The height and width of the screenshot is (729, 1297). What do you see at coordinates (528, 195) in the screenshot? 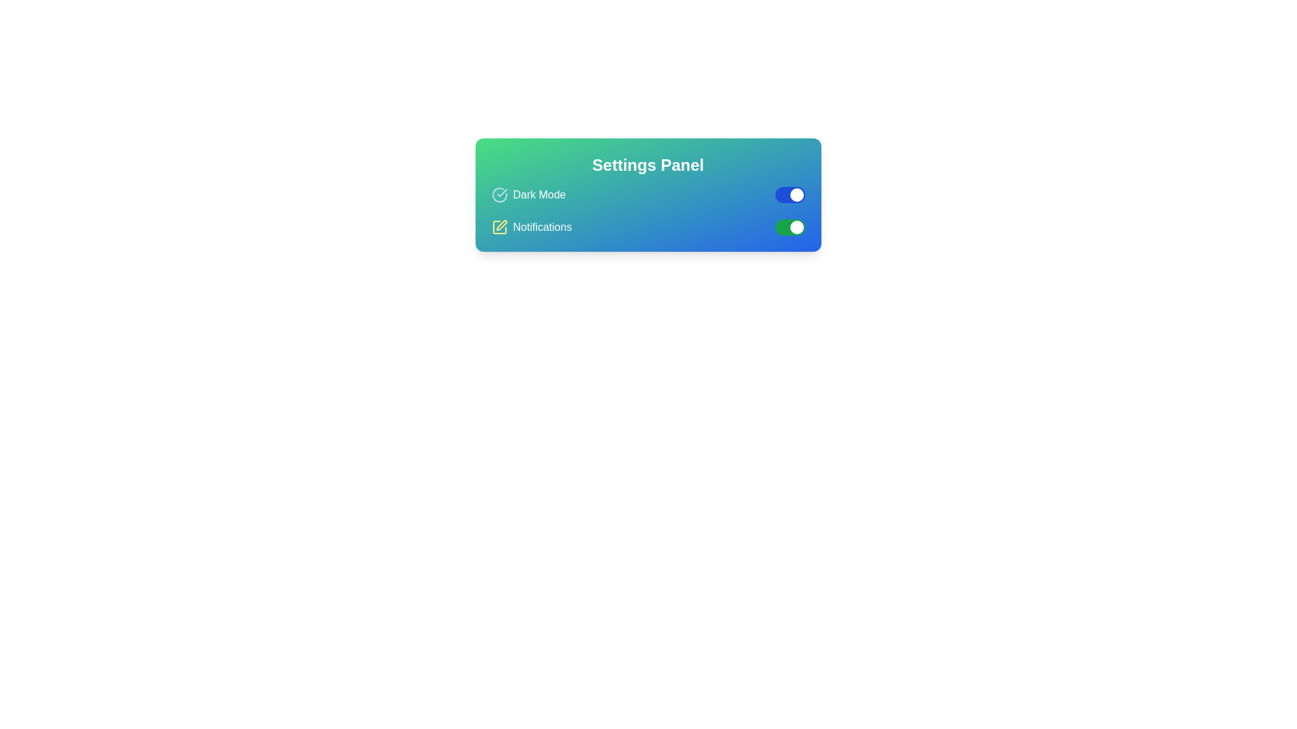
I see `the 'Dark Mode' toggle element, which consists of an icon and a label text, located at the top-left corner of the settings panel` at bounding box center [528, 195].